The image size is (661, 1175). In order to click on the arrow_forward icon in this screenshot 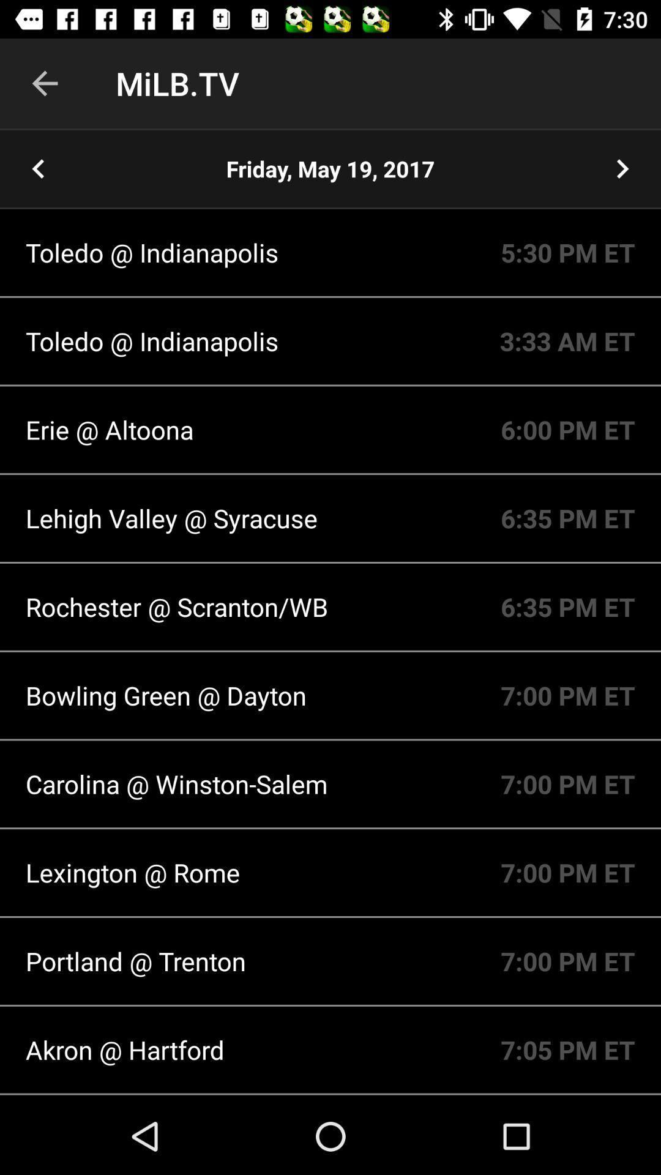, I will do `click(622, 168)`.